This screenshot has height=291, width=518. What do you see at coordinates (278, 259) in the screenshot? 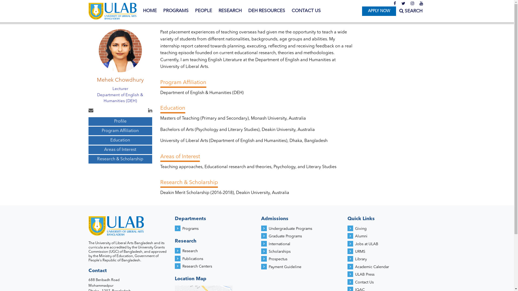
I see `'Prospectus'` at bounding box center [278, 259].